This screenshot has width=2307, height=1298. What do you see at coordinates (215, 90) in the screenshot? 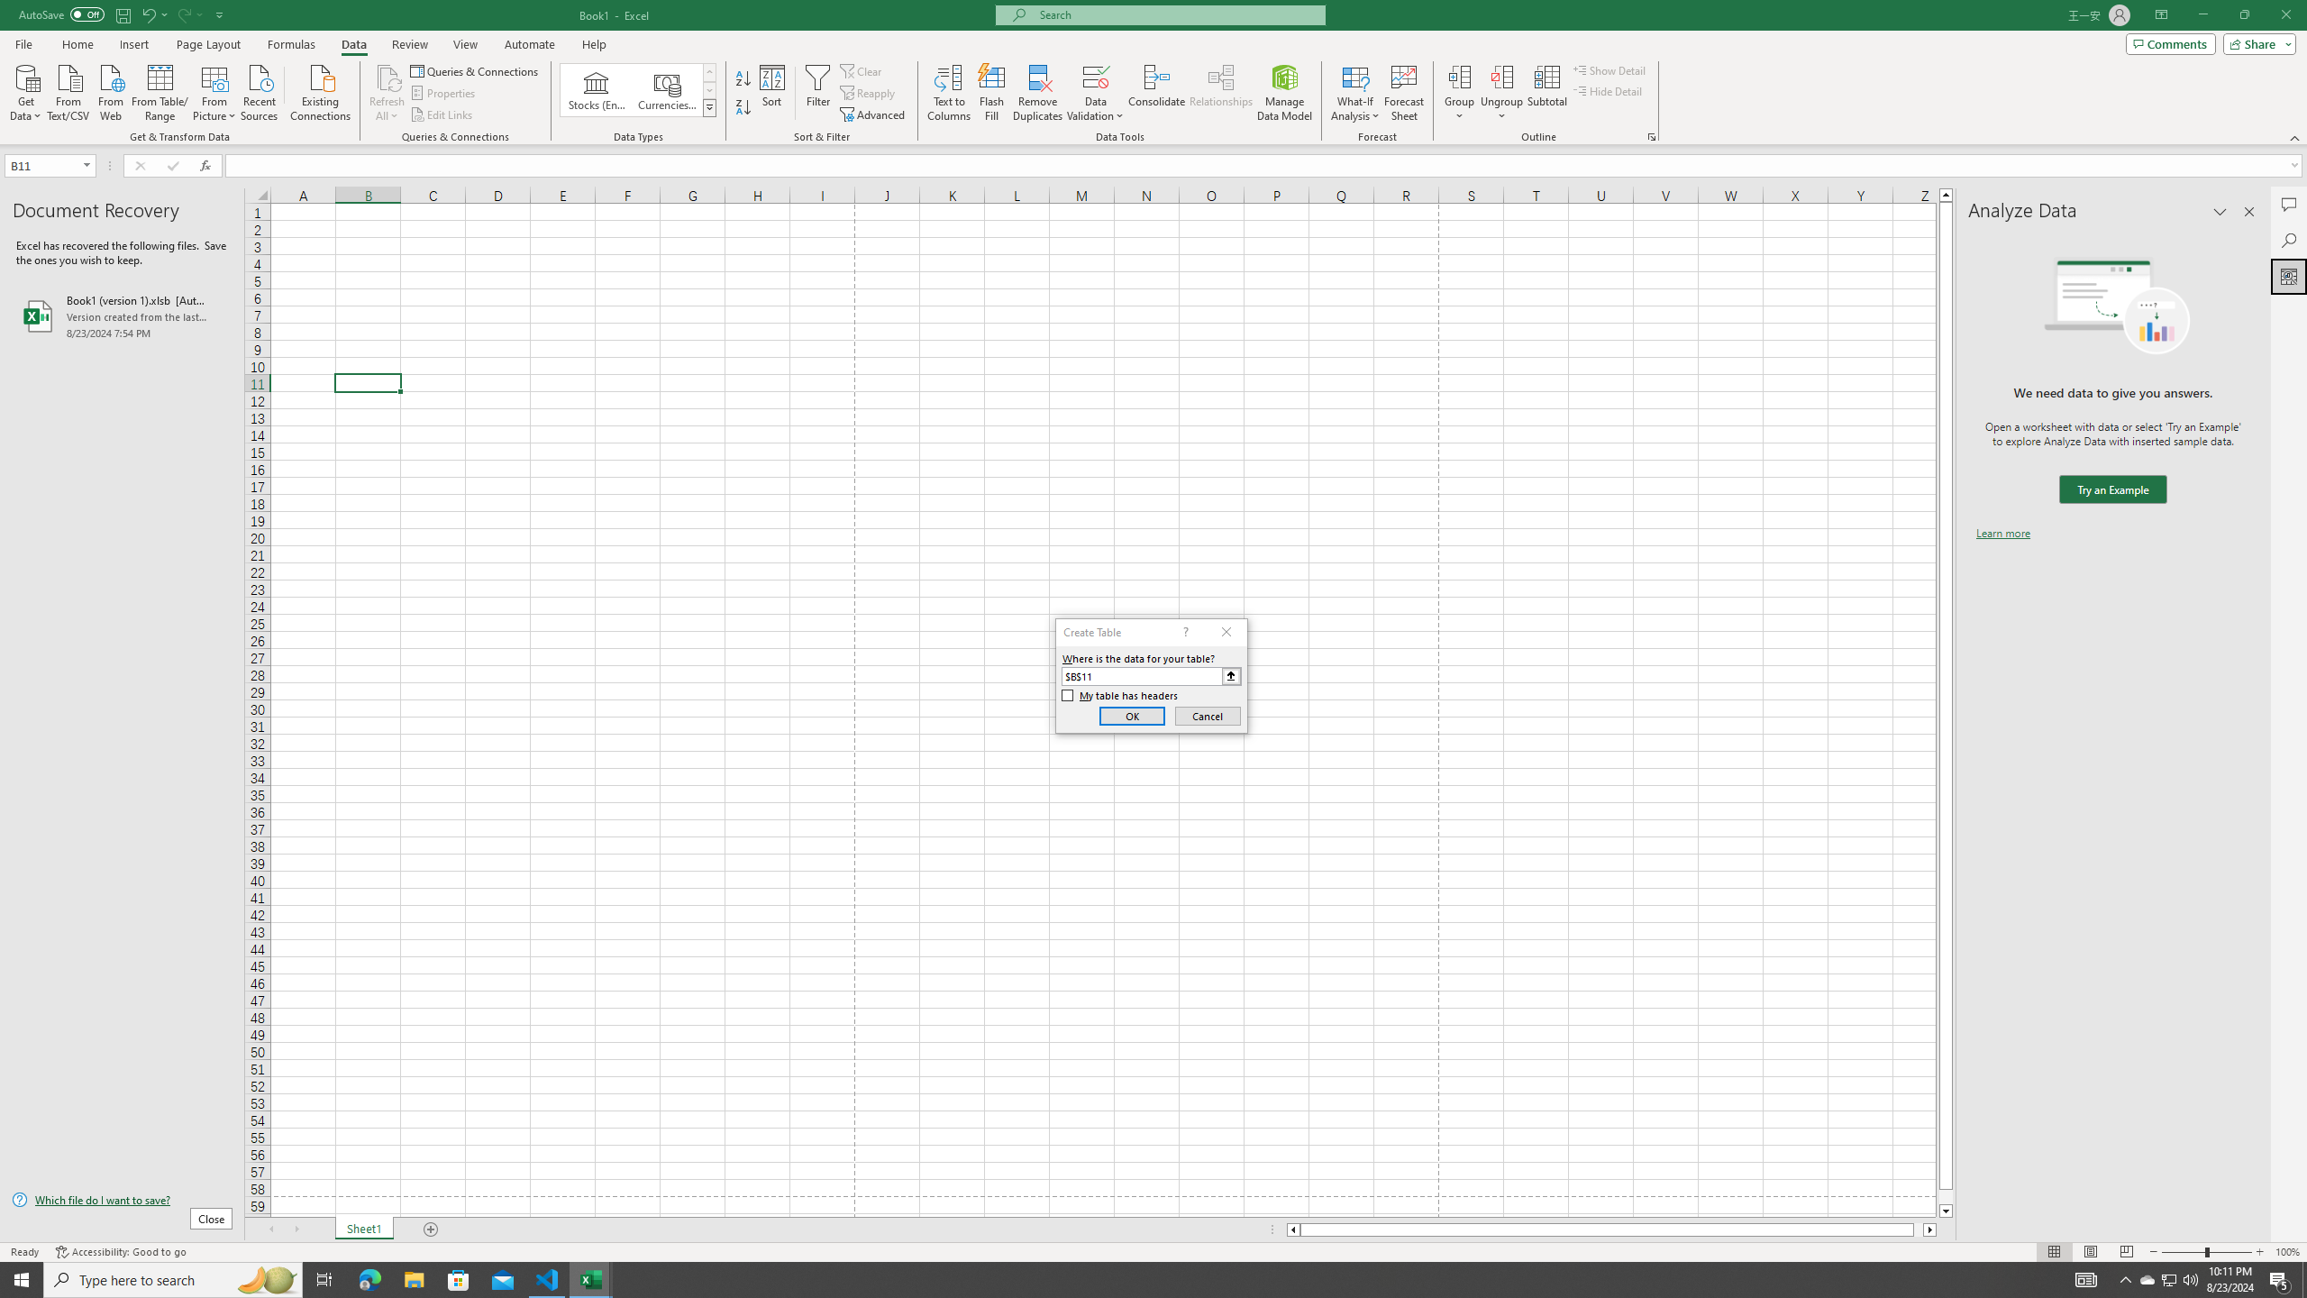
I see `'From Picture'` at bounding box center [215, 90].